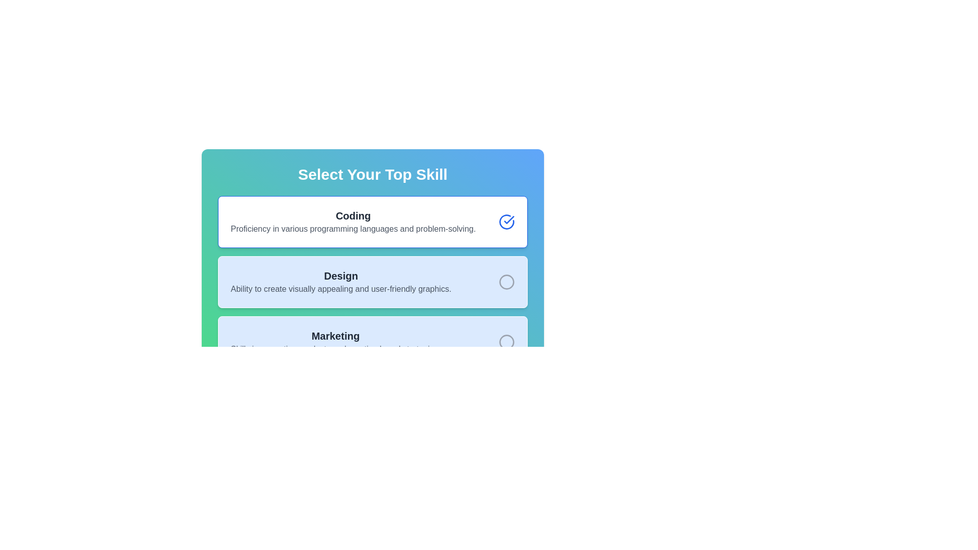 The height and width of the screenshot is (550, 978). Describe the element at coordinates (372, 342) in the screenshot. I see `the selectable card labeled 'Marketing' with a light blue background, which contains skills in promoting products and creating brand strategies, positioned below the 'Design' skill block` at that location.